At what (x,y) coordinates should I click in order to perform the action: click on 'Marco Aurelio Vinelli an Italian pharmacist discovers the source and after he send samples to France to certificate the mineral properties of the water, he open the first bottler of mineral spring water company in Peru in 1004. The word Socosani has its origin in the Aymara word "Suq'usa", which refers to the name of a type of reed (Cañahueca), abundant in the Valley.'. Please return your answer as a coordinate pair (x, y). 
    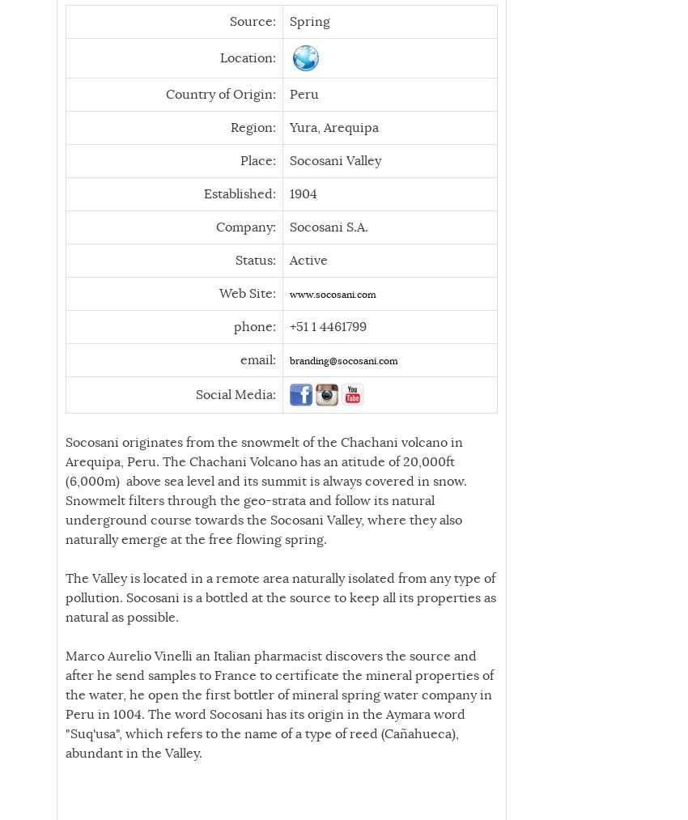
    Looking at the image, I should click on (278, 703).